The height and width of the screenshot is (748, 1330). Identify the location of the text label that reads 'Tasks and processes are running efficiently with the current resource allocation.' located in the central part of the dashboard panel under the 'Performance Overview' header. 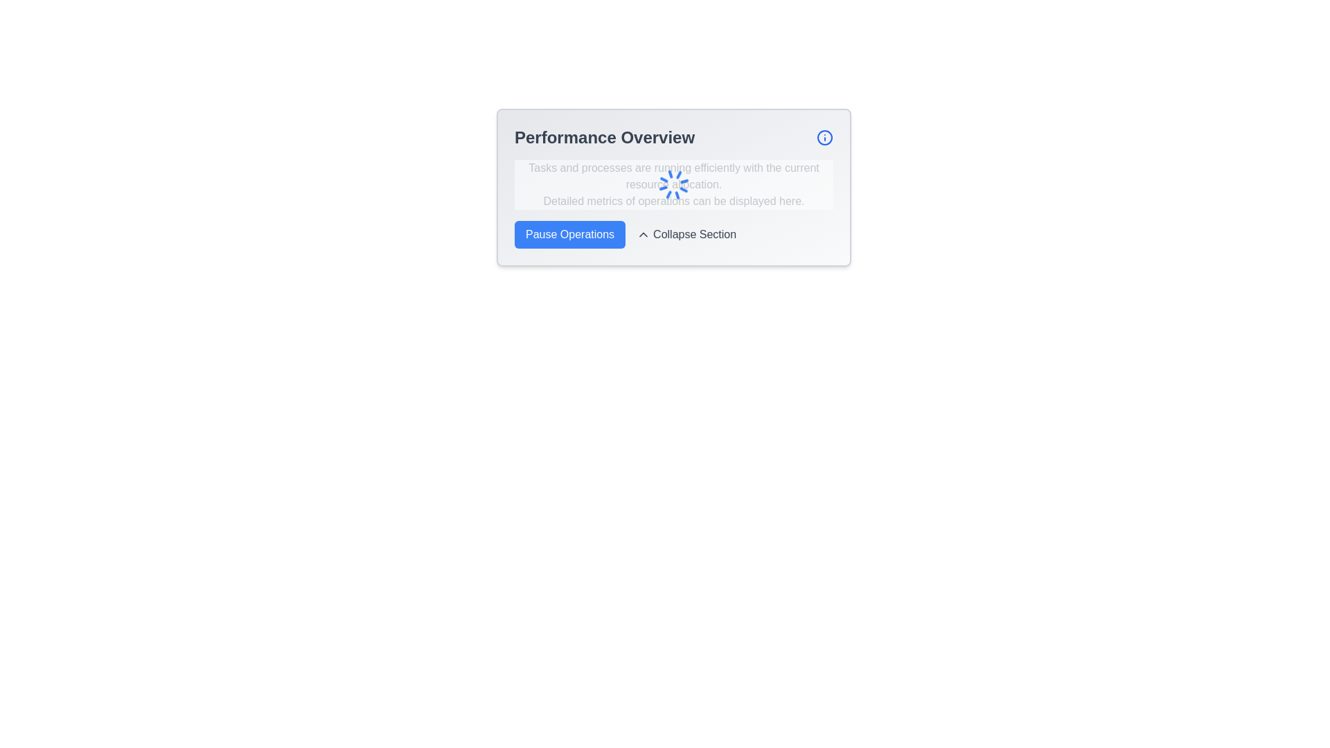
(674, 175).